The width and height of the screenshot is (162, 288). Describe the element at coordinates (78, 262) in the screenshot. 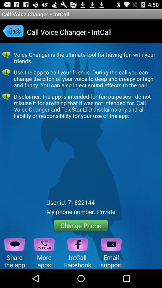

I see `the facebook icon` at that location.